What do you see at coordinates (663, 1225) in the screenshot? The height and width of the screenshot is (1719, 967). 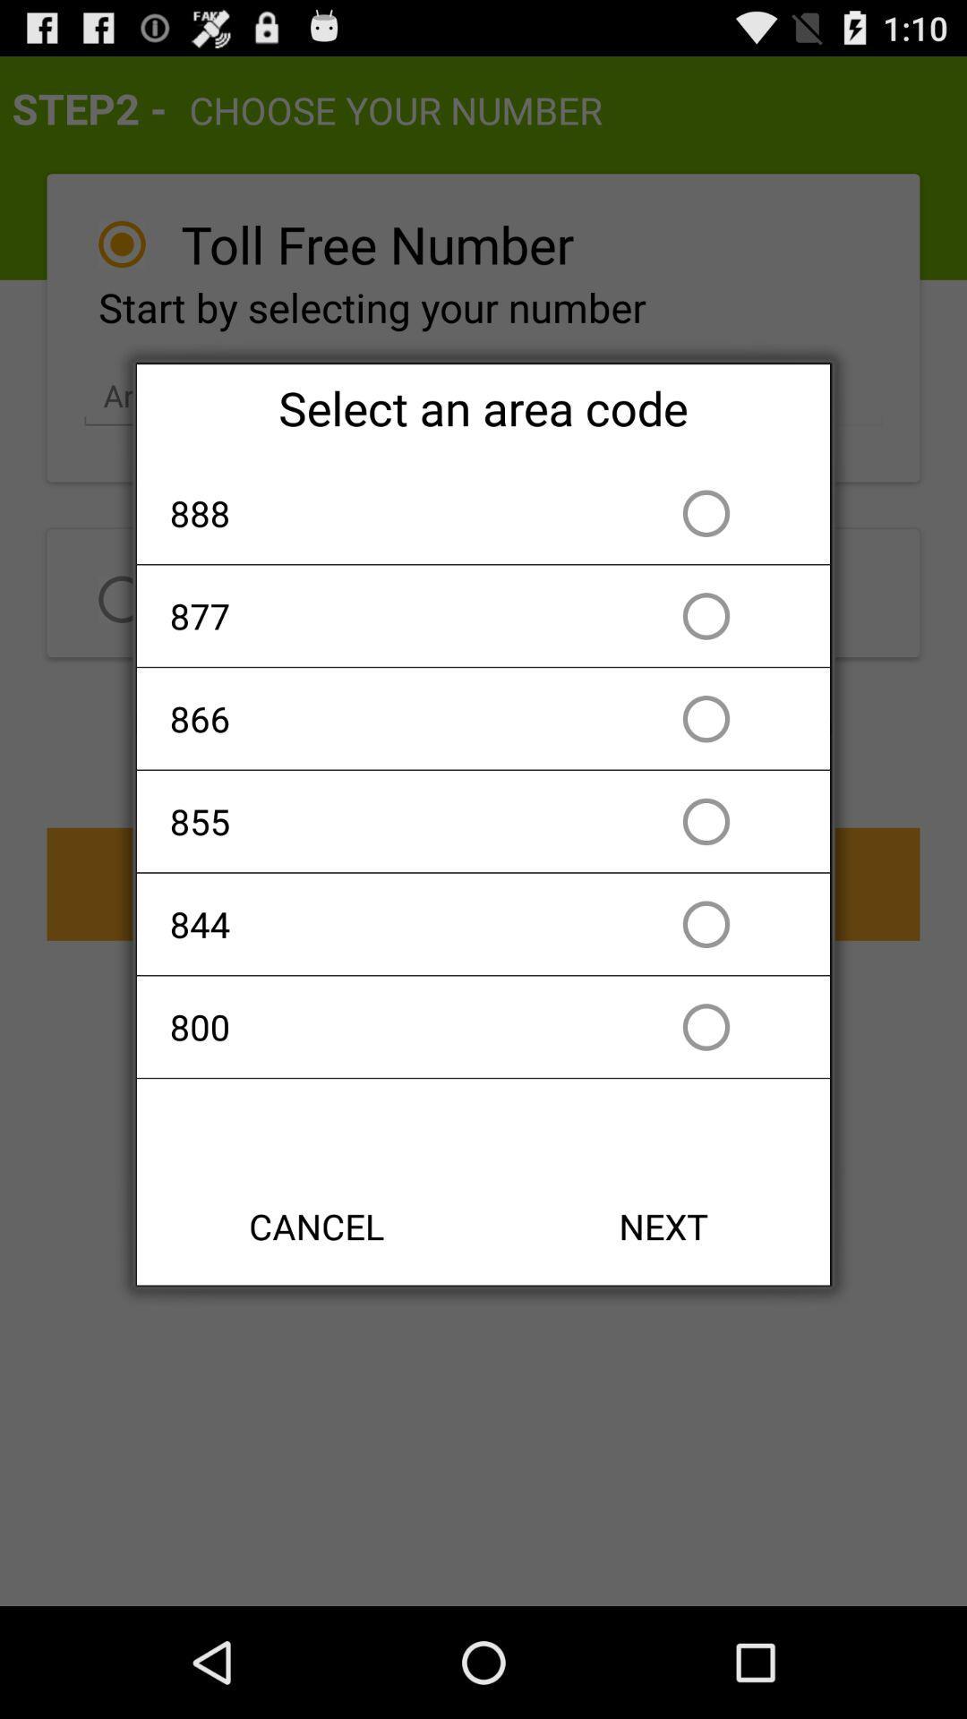 I see `next button` at bounding box center [663, 1225].